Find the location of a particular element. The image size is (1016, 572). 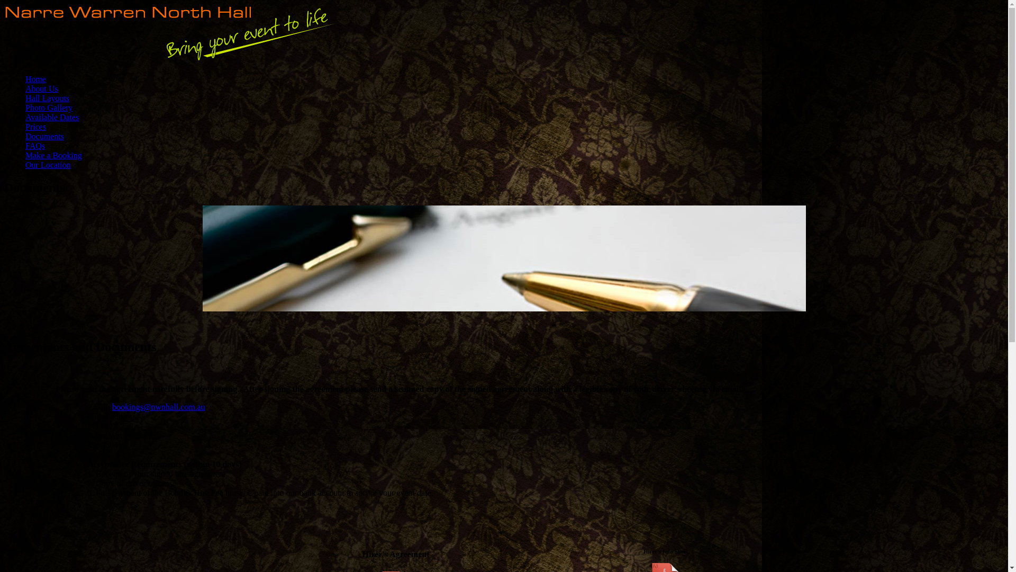

'Our Location' is located at coordinates (48, 165).